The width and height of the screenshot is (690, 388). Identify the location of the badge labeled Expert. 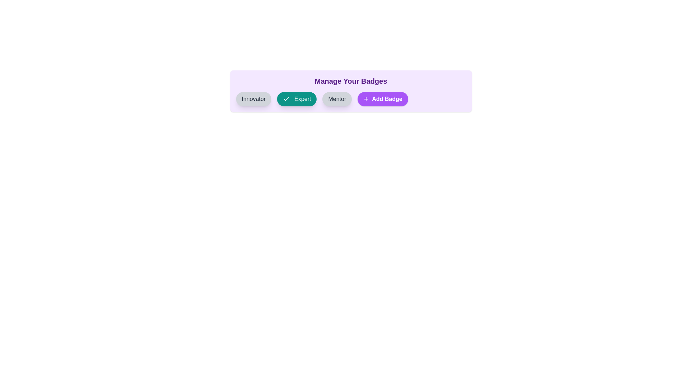
(297, 99).